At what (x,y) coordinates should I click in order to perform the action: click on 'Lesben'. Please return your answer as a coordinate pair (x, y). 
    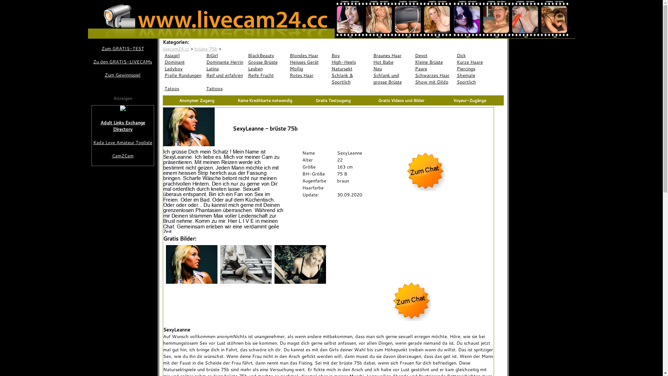
    Looking at the image, I should click on (267, 69).